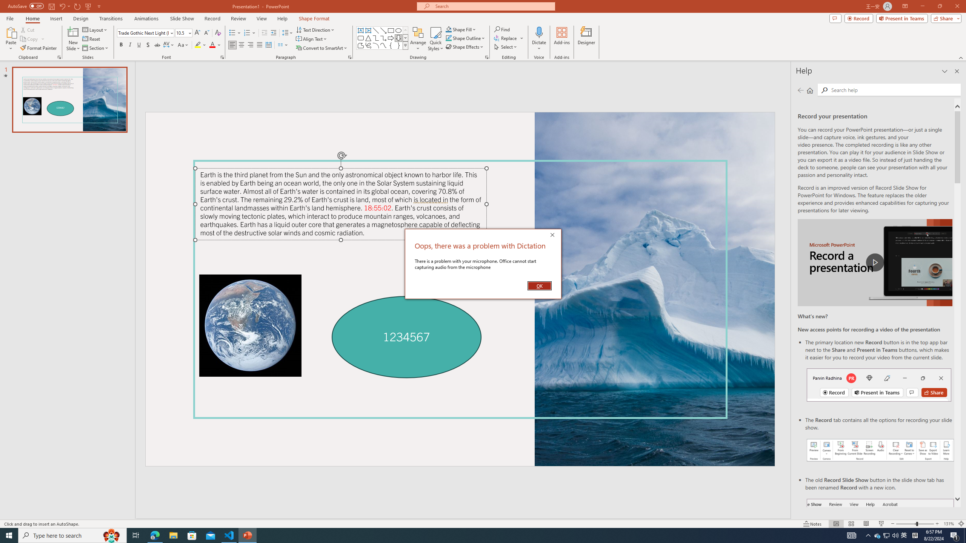  Describe the element at coordinates (349, 57) in the screenshot. I see `'Paragraph...'` at that location.